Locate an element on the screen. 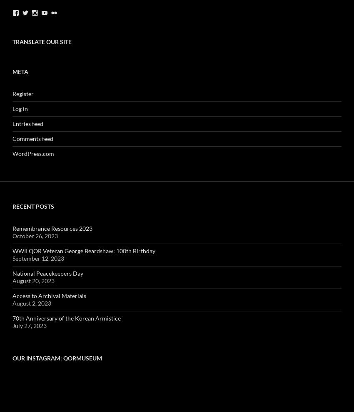  'Remembrance Resources 2023' is located at coordinates (12, 228).